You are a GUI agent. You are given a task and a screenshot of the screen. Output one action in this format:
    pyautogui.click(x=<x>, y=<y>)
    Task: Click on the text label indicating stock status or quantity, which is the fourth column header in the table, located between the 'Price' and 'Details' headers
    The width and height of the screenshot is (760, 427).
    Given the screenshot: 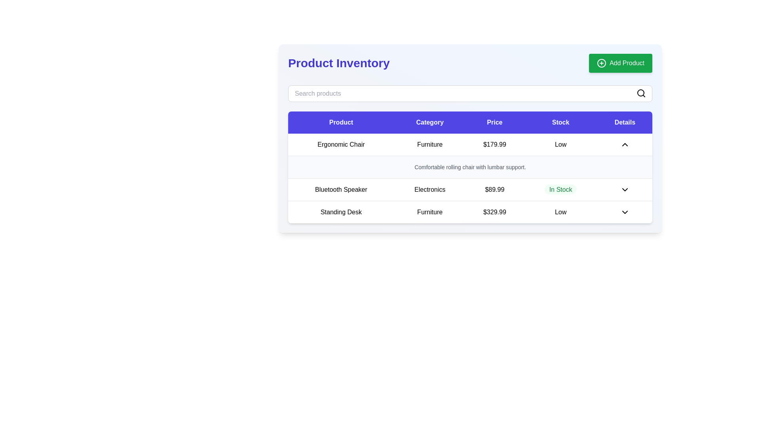 What is the action you would take?
    pyautogui.click(x=560, y=122)
    